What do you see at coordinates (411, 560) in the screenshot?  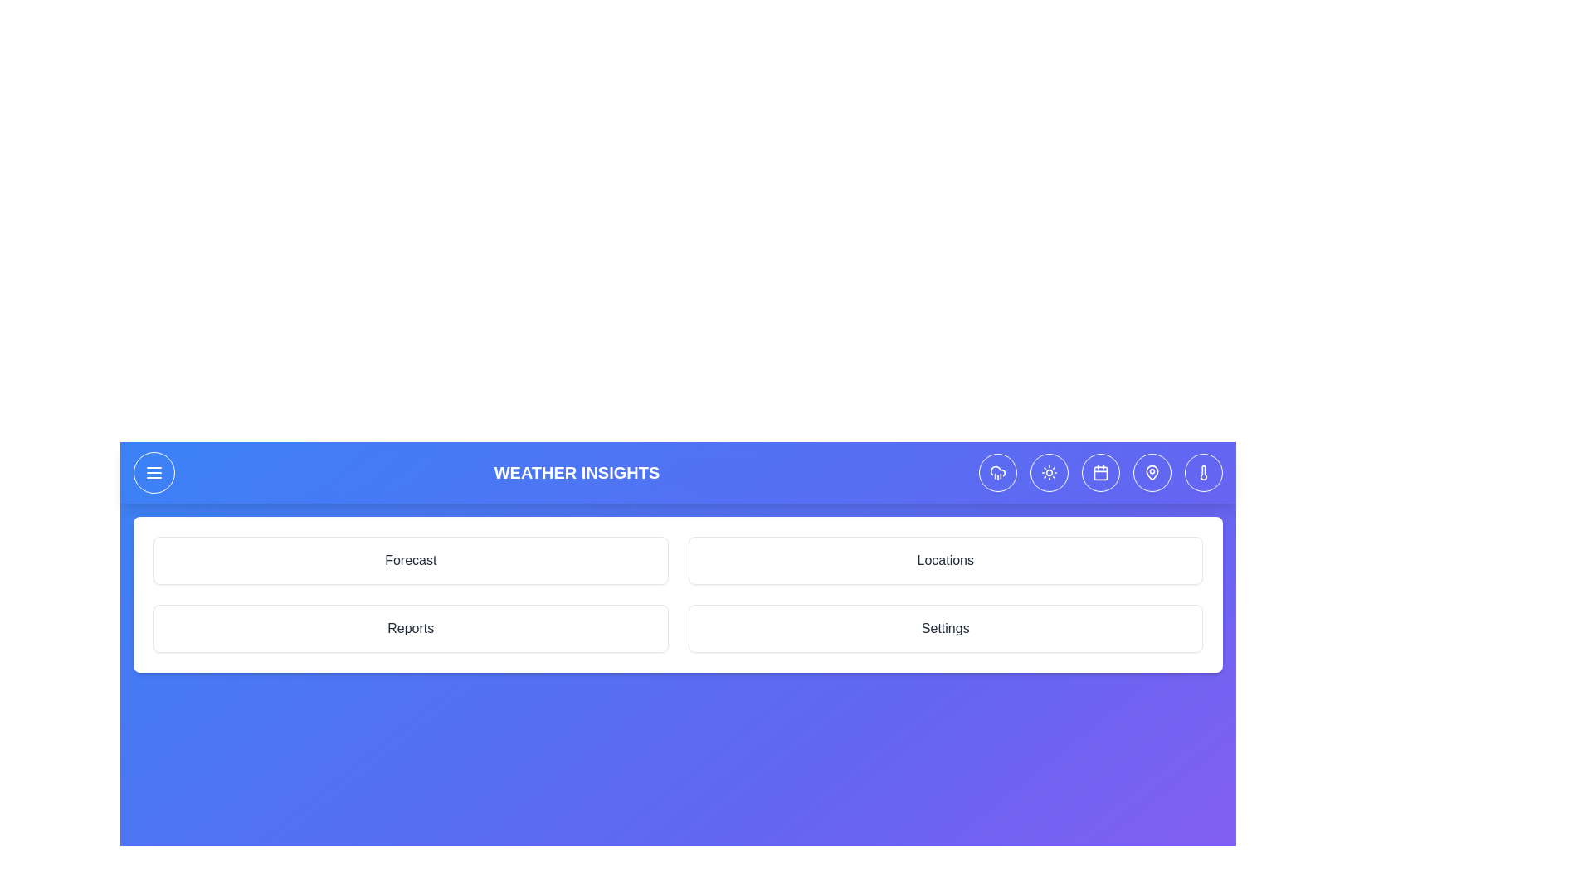 I see `the Forecast navigation option` at bounding box center [411, 560].